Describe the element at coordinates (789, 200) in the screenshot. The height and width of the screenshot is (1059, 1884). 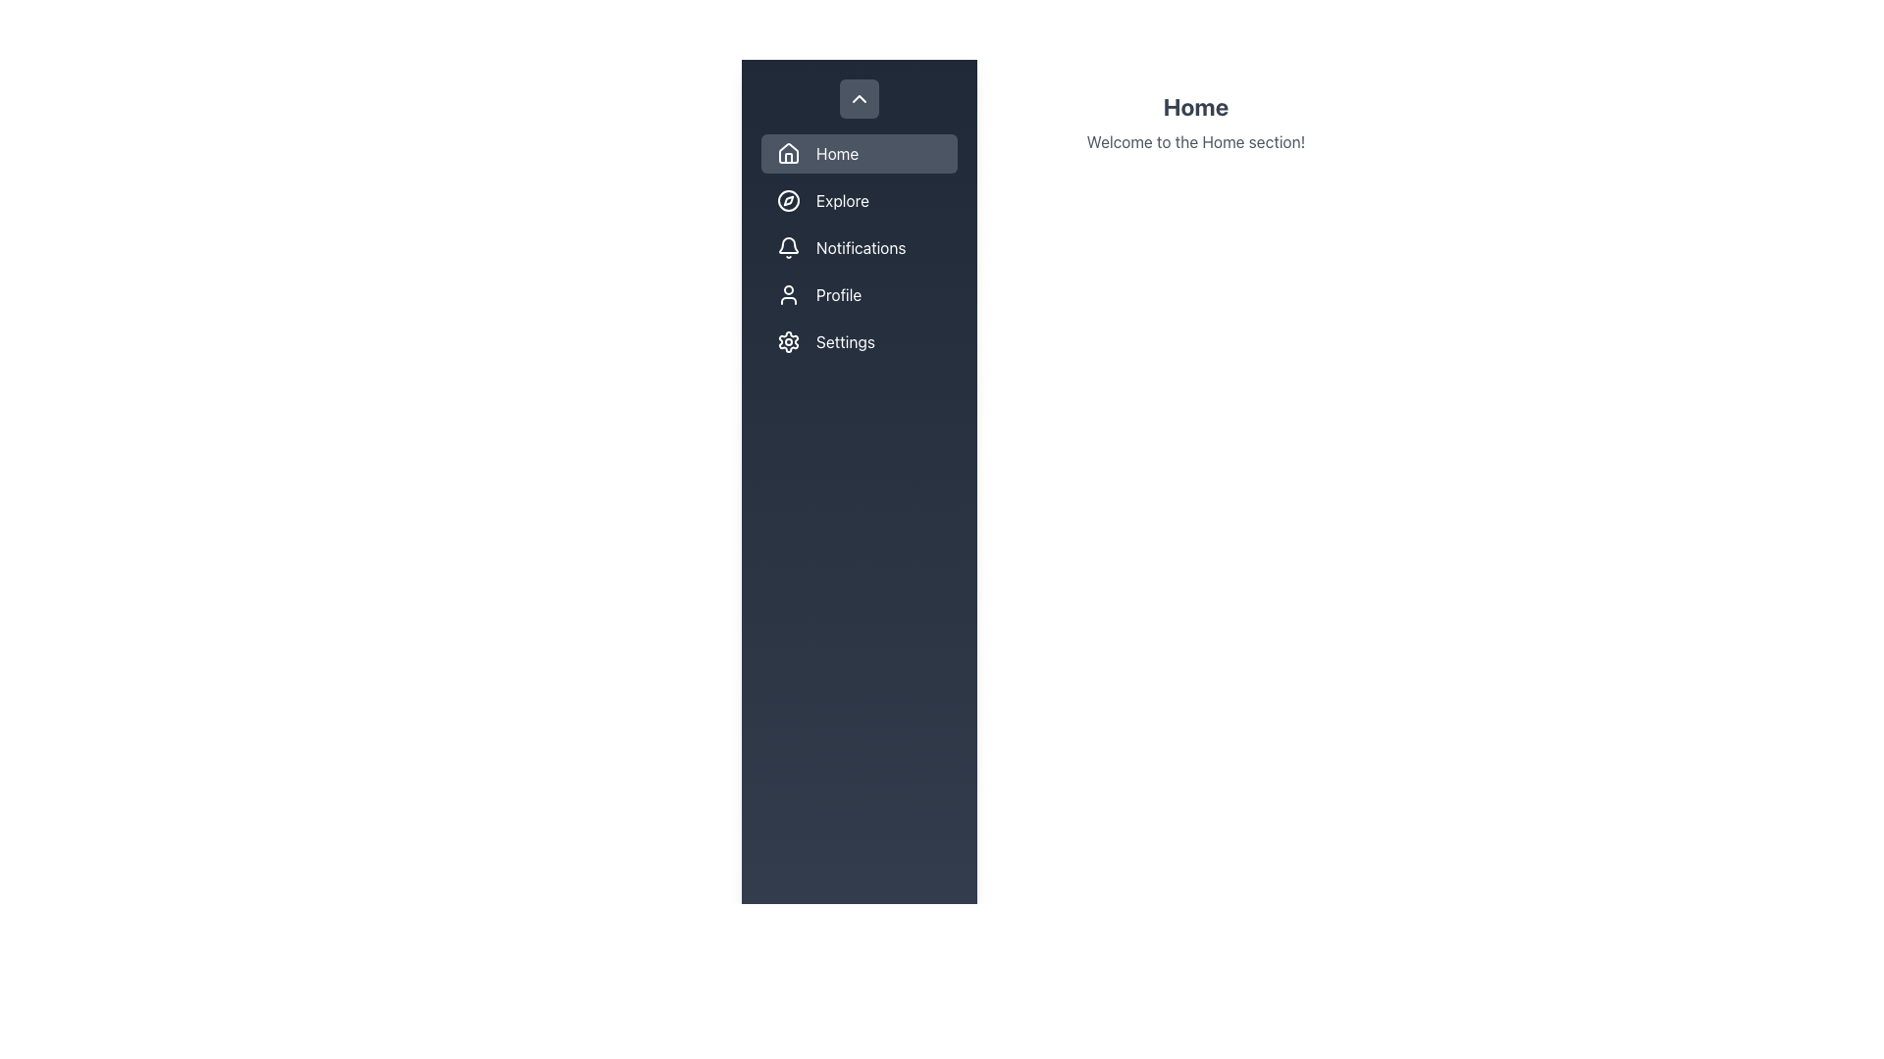
I see `the 'Explore' icon (SVG Circle) located in the sidebar navigation panel, which is the second item in the vertical list of navigation options, positioned between 'Home' and 'Notifications'` at that location.